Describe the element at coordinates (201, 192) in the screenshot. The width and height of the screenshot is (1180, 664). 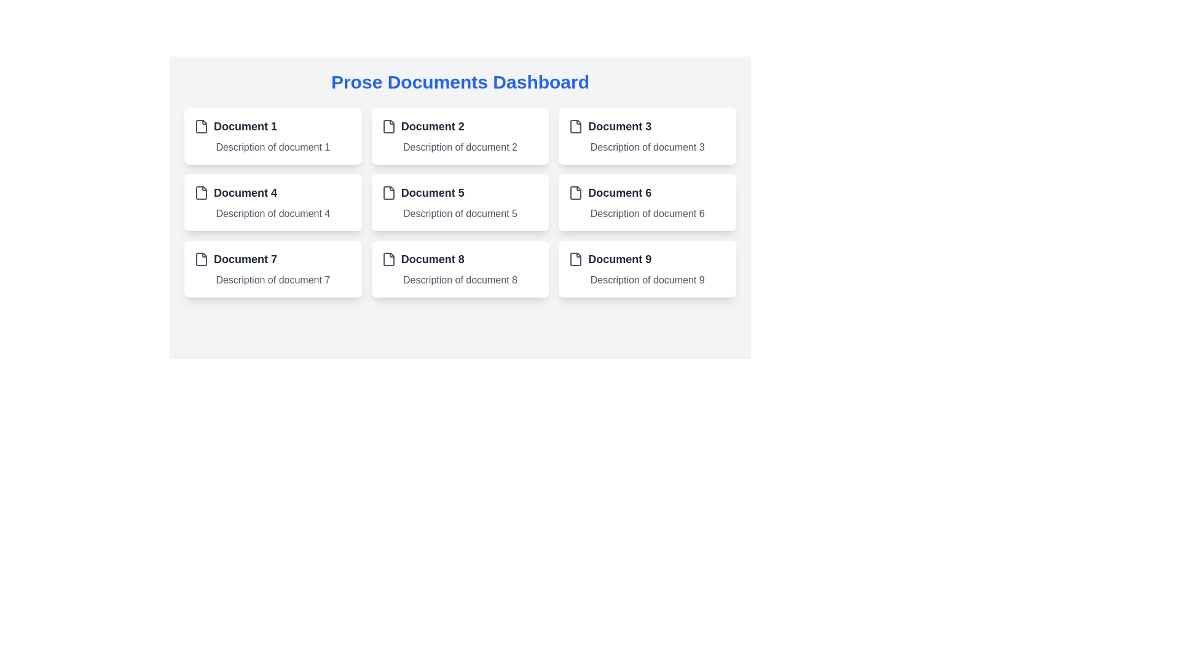
I see `the icon representing the document labeled 'Document 4', which is located in the second row, first column of the layout grid` at that location.